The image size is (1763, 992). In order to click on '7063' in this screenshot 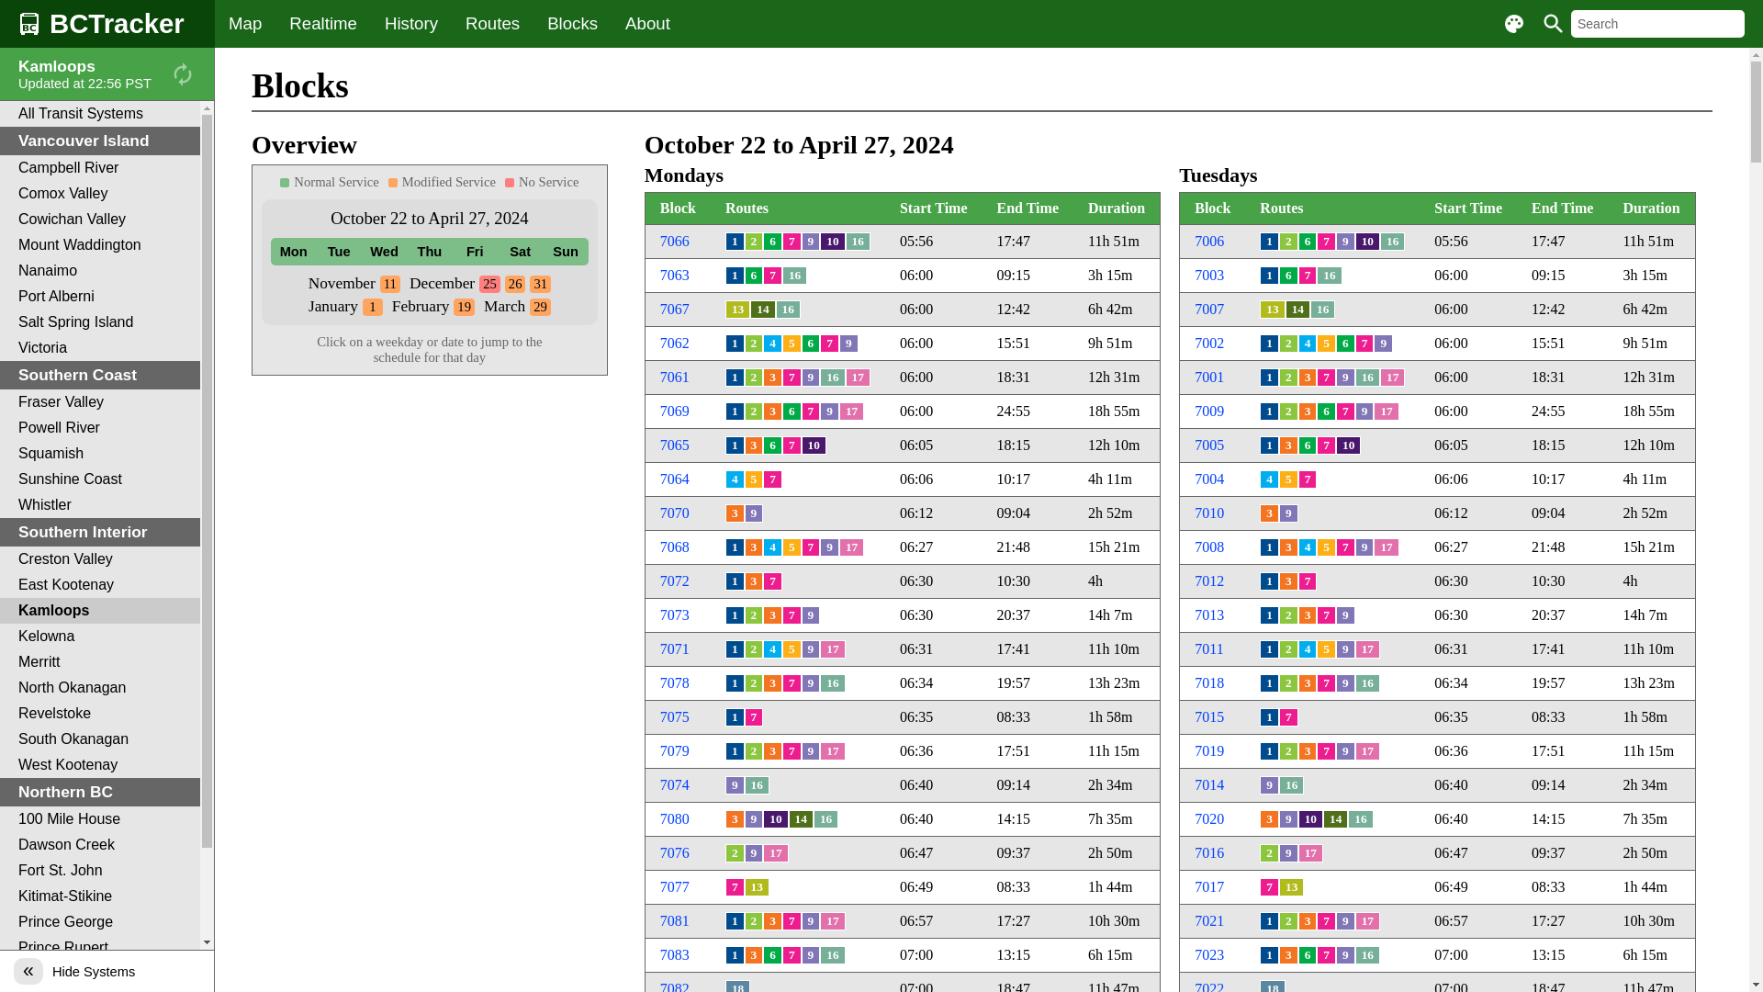, I will do `click(660, 275)`.